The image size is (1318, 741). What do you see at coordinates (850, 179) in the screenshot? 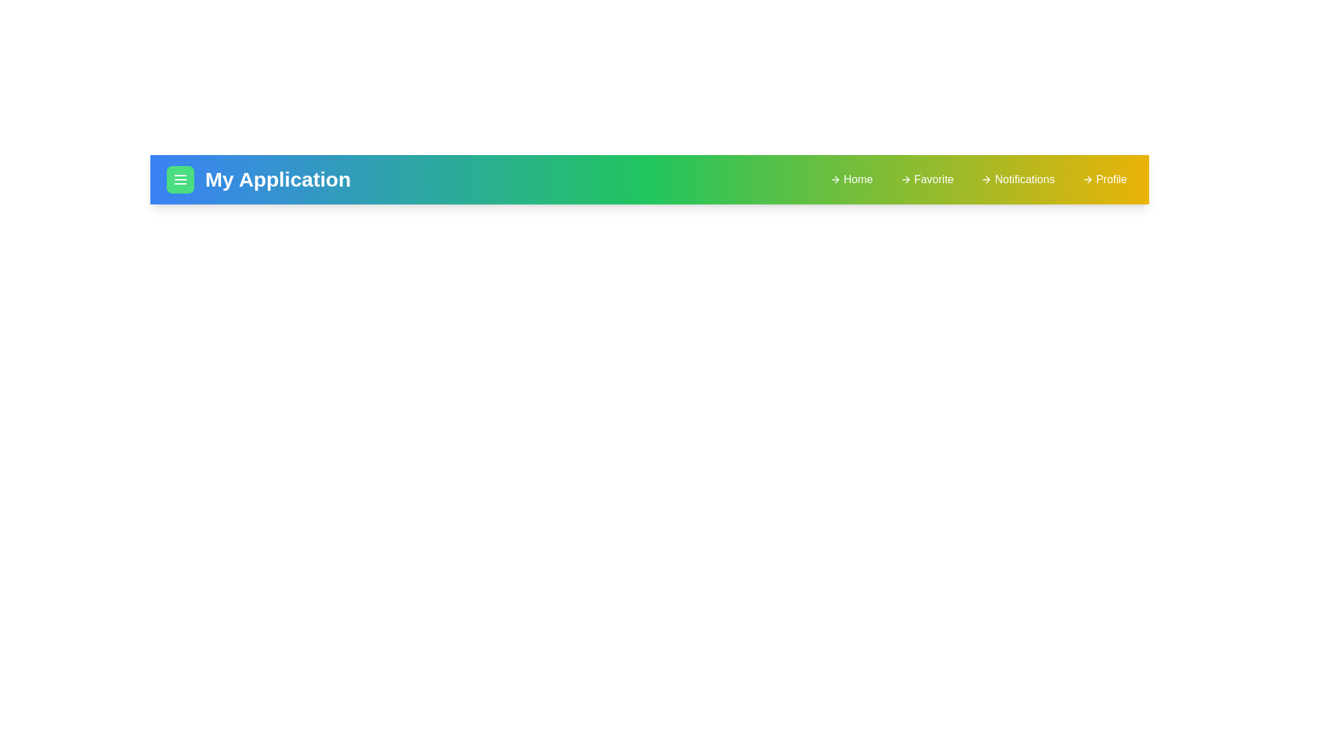
I see `the 'Home' label in the navigation bar to navigate to the 'Home' section` at bounding box center [850, 179].